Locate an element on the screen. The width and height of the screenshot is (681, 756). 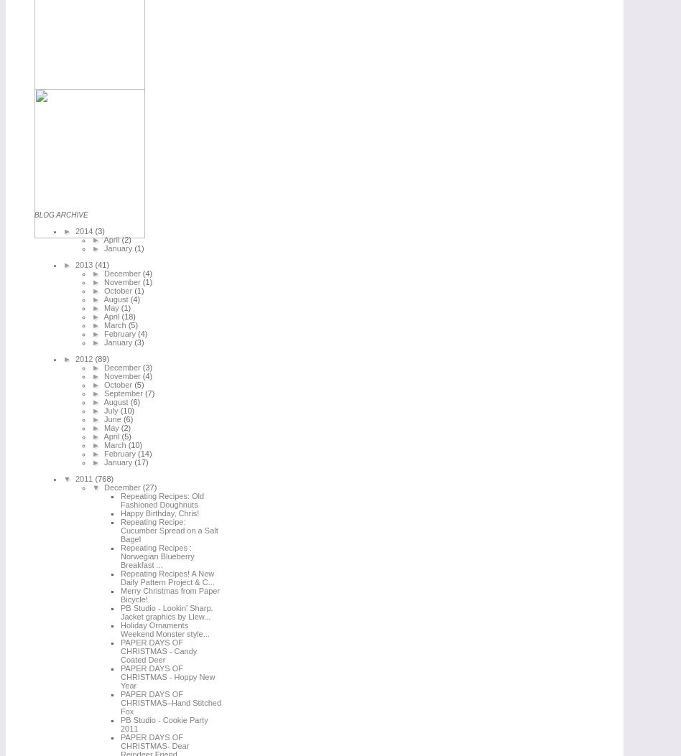
'(18)' is located at coordinates (127, 315).